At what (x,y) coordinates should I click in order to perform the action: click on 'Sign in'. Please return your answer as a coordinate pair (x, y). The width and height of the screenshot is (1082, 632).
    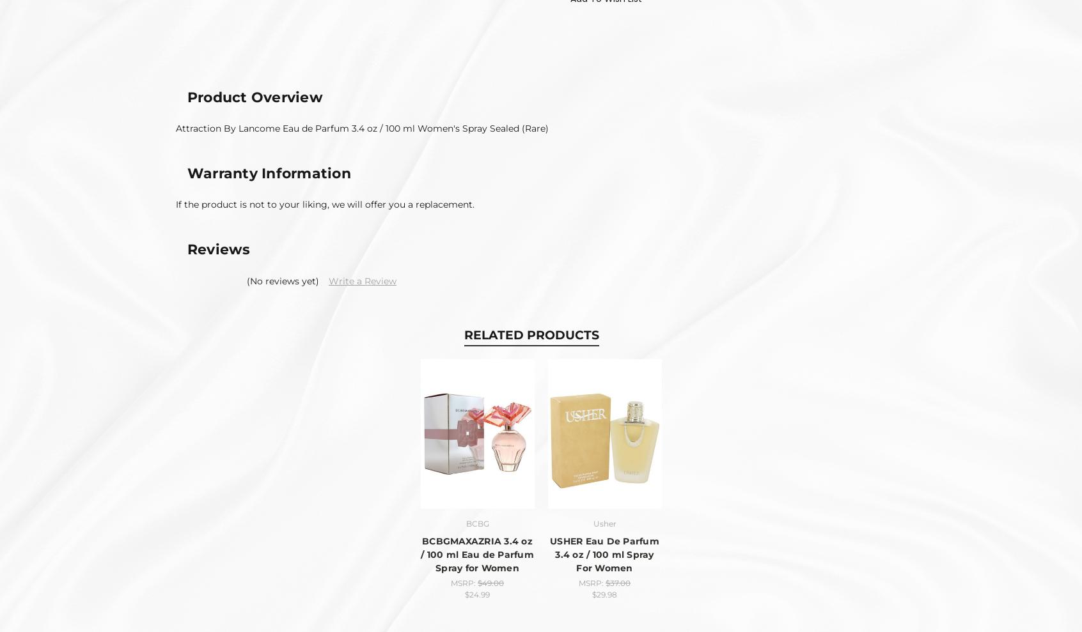
    Looking at the image, I should click on (182, 459).